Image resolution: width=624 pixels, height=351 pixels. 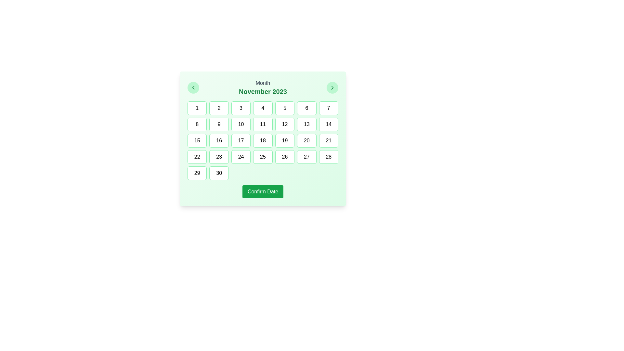 I want to click on the button representing the 3rd day in the calendar view, so click(x=240, y=108).